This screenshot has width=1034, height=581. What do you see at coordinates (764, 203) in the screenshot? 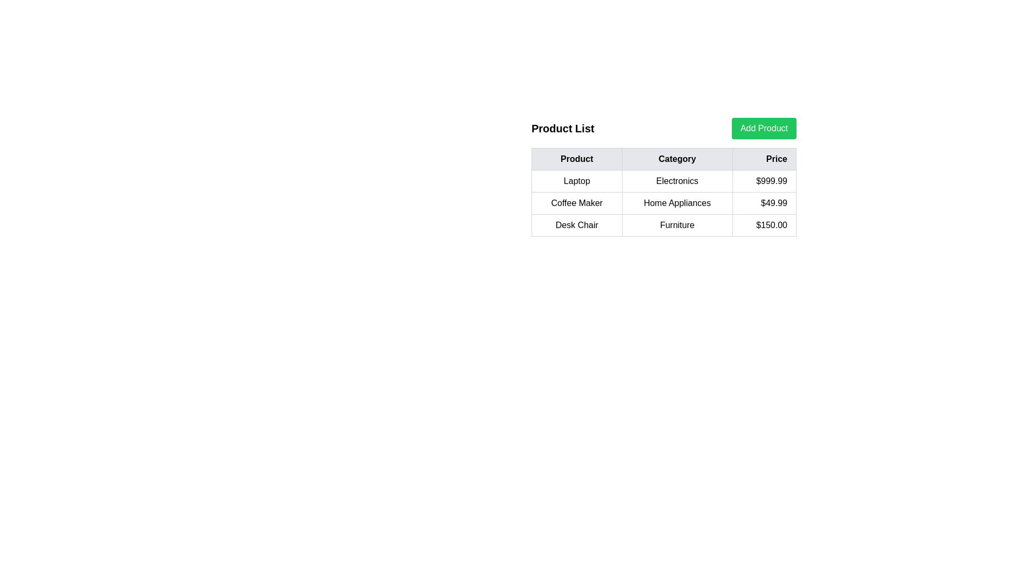
I see `the price label displaying '$49.99' in the third column of the second row in the 'Product List' table` at bounding box center [764, 203].